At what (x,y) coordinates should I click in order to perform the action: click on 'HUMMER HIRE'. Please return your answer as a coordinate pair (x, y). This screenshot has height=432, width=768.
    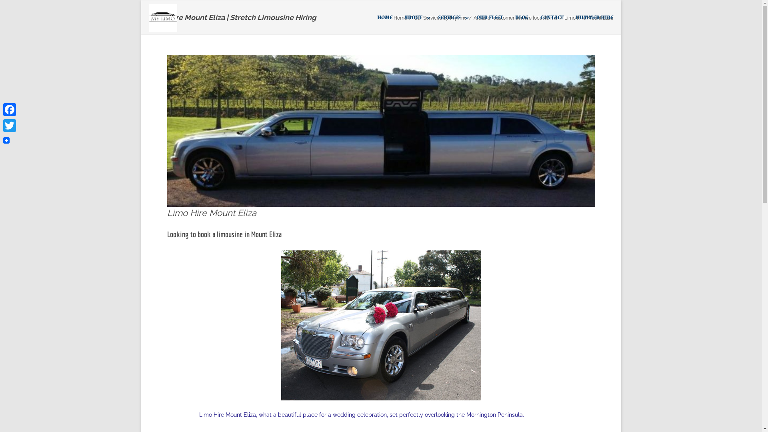
    Looking at the image, I should click on (594, 17).